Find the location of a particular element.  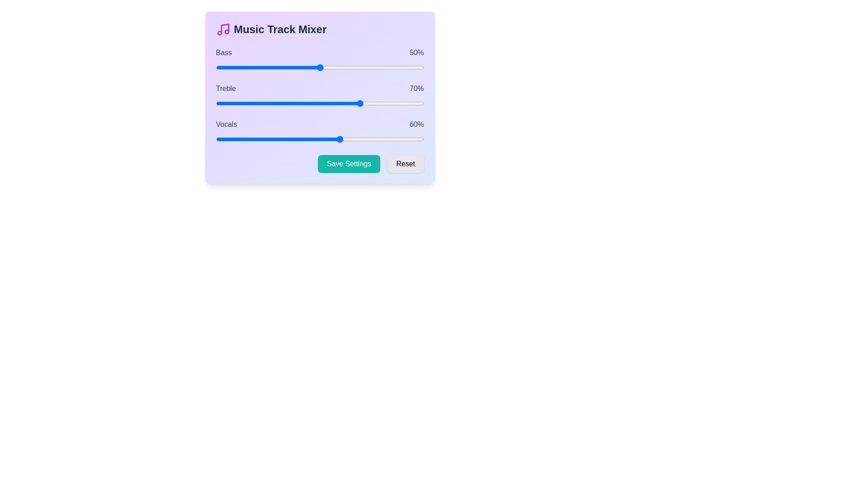

the 0 slider to 53% is located at coordinates (326, 67).